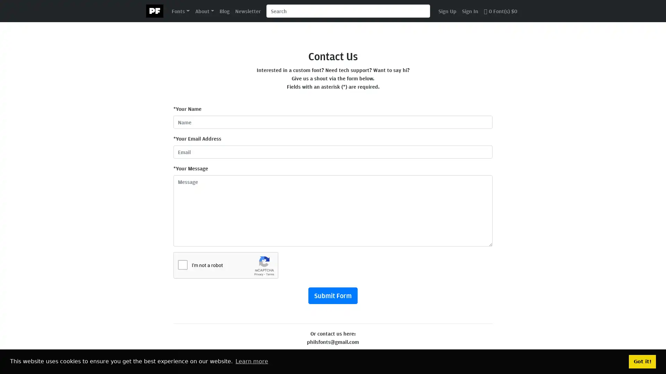 The height and width of the screenshot is (374, 666). I want to click on dismiss cookie message, so click(642, 361).